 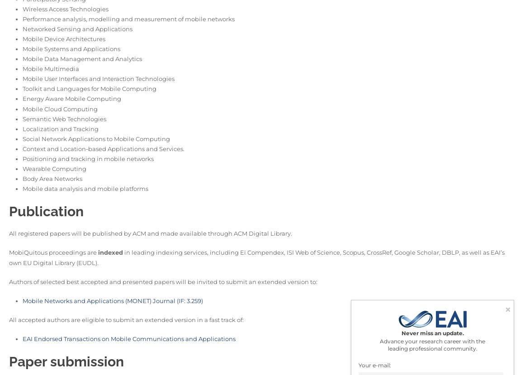 I want to click on 'Mobile User Interfaces and Interaction Technologies', so click(x=98, y=79).